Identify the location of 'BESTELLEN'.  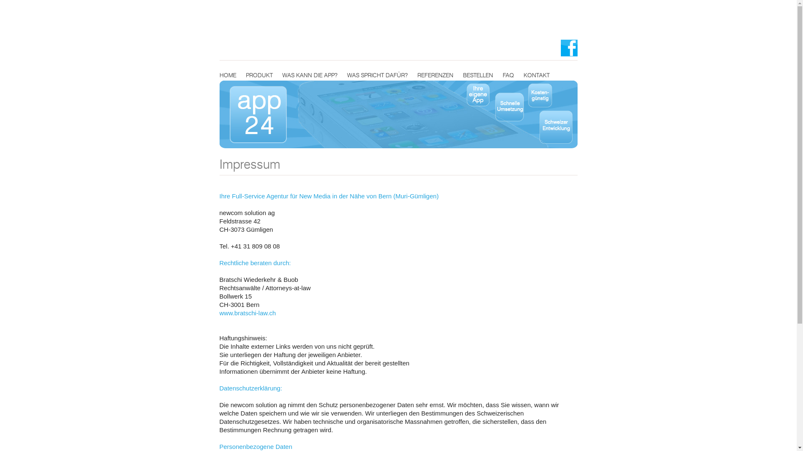
(478, 76).